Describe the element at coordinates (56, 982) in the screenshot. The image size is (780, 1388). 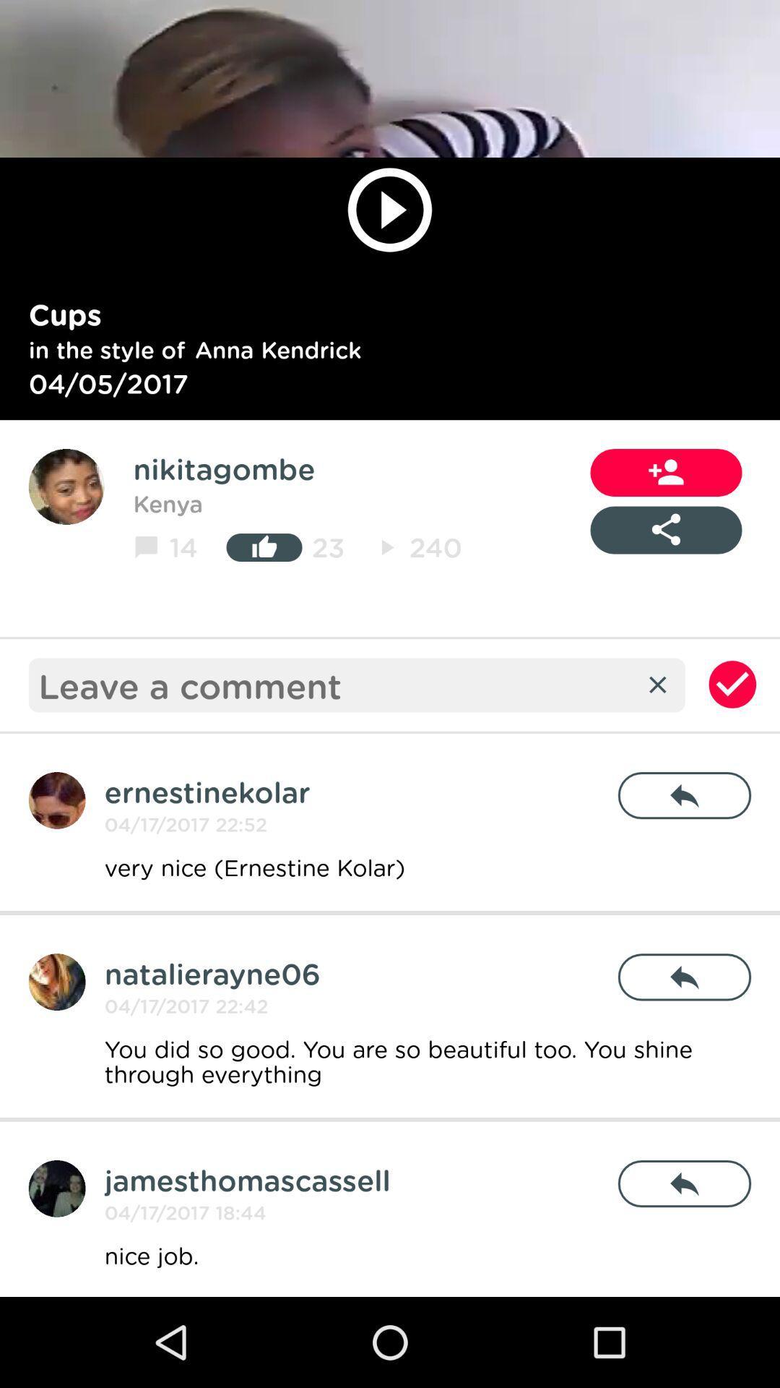
I see `tap to go to profile` at that location.